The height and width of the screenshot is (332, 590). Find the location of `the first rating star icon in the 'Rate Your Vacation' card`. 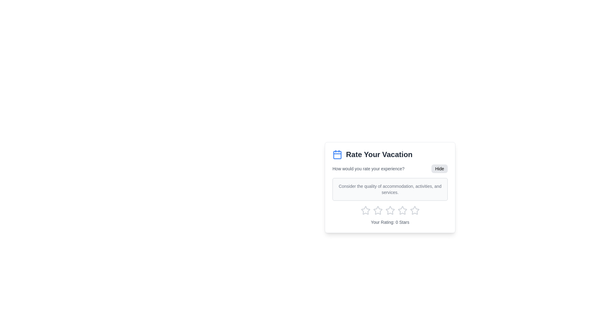

the first rating star icon in the 'Rate Your Vacation' card is located at coordinates (377, 210).